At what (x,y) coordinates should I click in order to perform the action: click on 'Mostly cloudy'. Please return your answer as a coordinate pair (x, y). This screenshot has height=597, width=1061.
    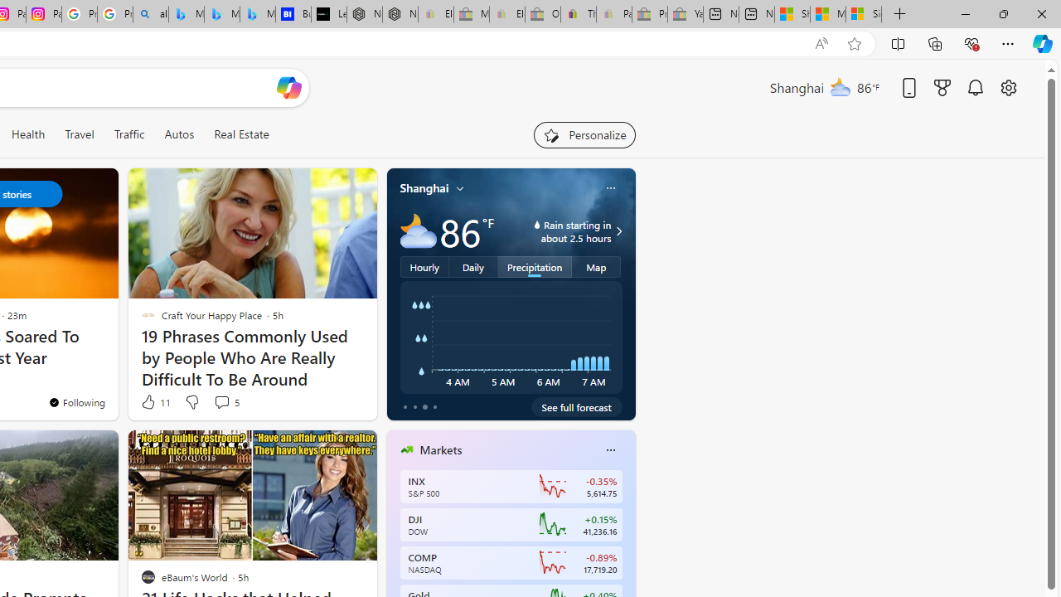
    Looking at the image, I should click on (418, 231).